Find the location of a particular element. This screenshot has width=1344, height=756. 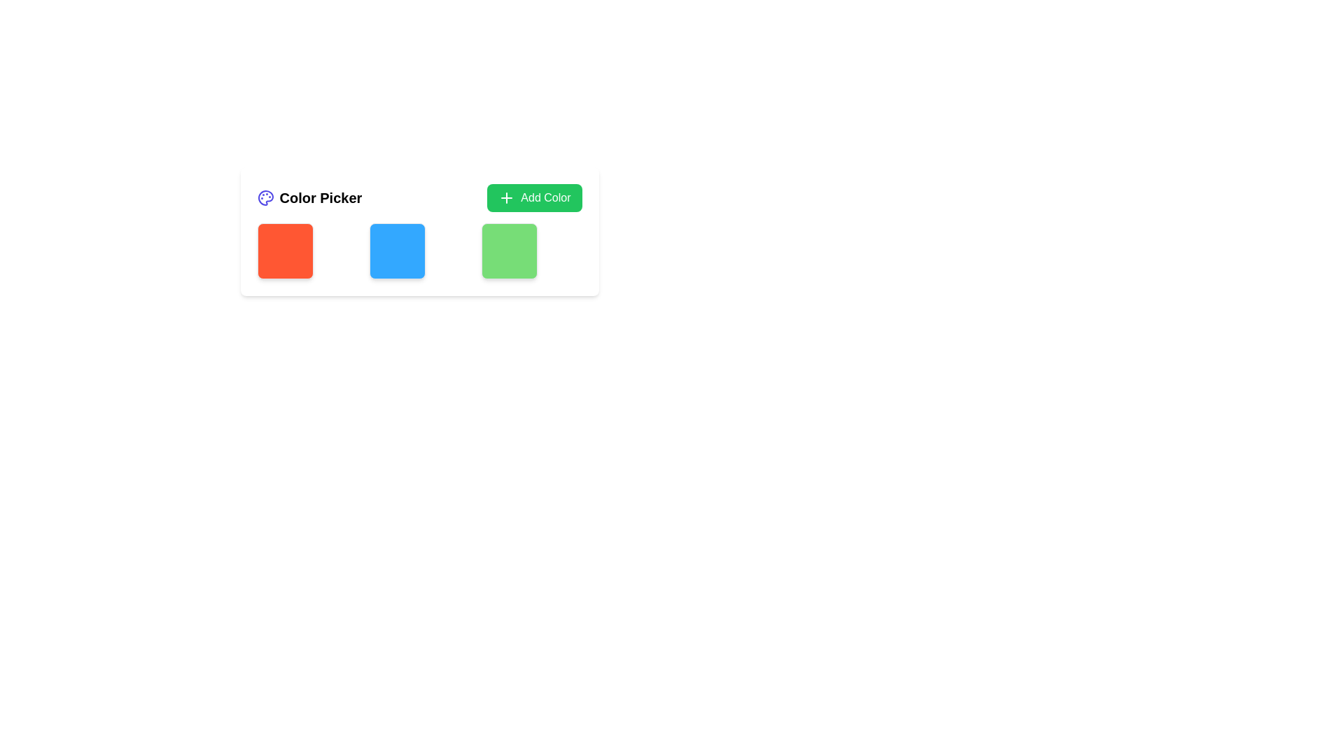

the red selectable color box is located at coordinates (284, 250).